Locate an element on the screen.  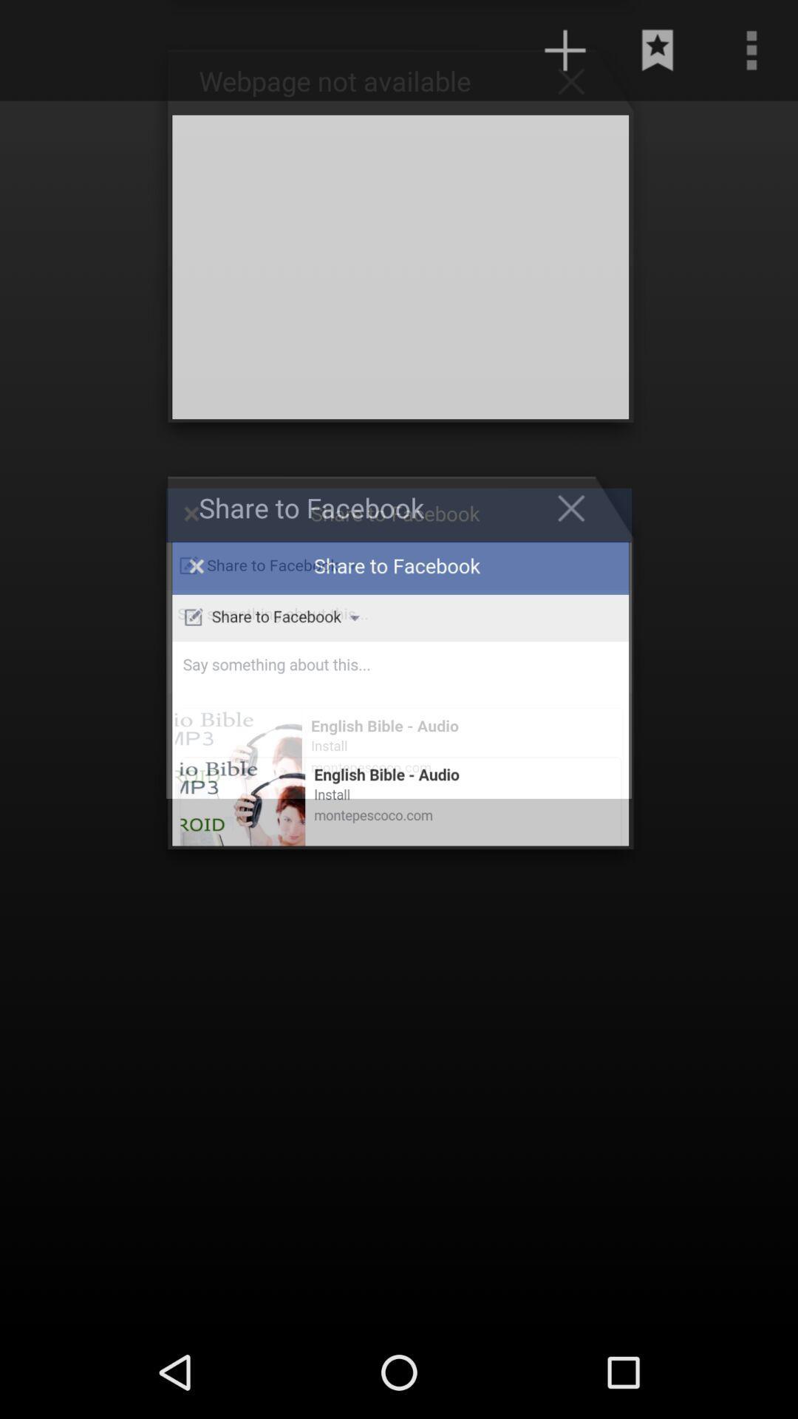
the more icon is located at coordinates (751, 53).